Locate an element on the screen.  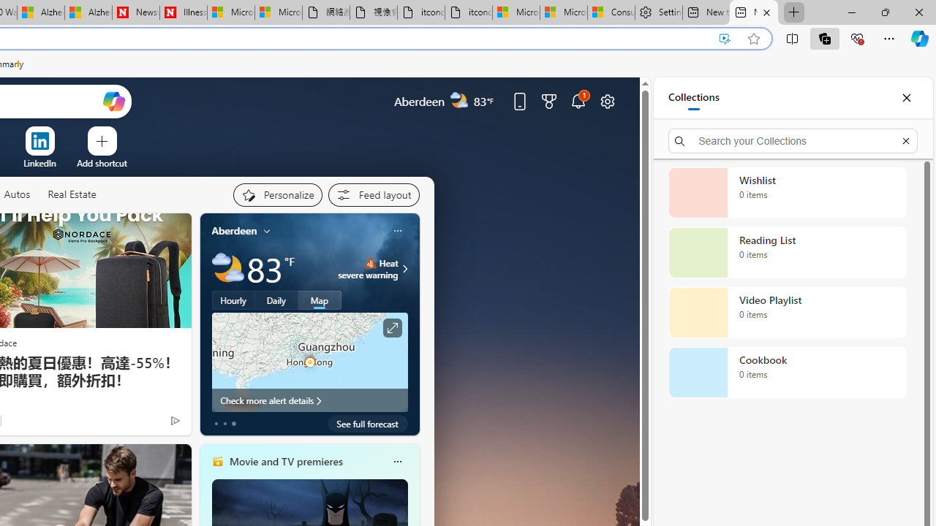
'Consumer Health Data Privacy Policy' is located at coordinates (611, 12).